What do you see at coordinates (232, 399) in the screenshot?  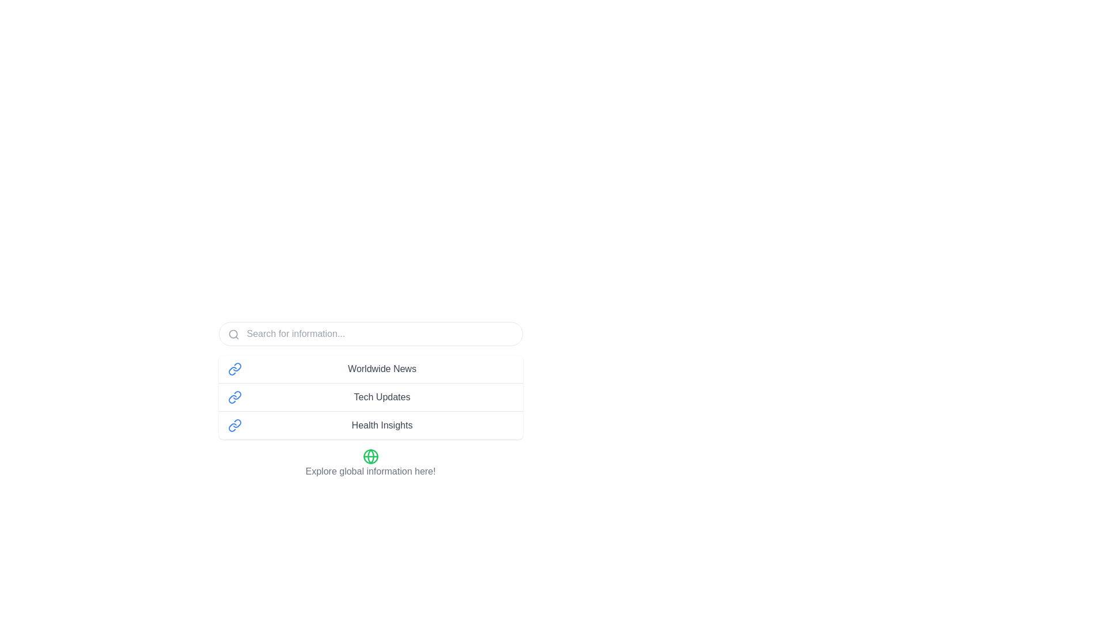 I see `second portion of the stylized link icon, which is part of a larger SVG graphic next to the 'Tech Updates' list item, using developer tools` at bounding box center [232, 399].